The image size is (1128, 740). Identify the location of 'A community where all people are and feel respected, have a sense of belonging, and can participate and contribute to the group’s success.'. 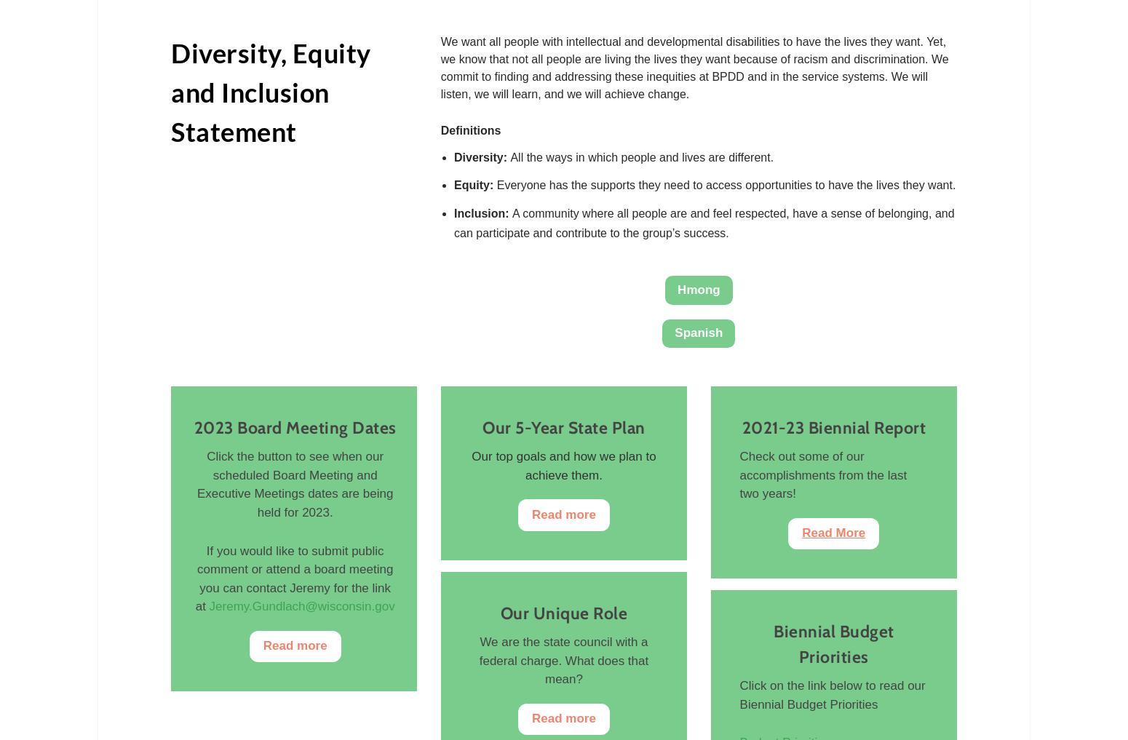
(703, 223).